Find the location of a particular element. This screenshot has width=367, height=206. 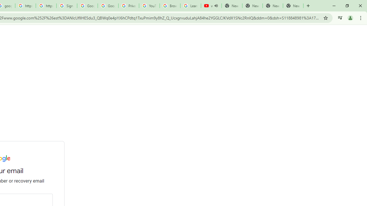

'https://scholar.google.com/' is located at coordinates (25, 6).